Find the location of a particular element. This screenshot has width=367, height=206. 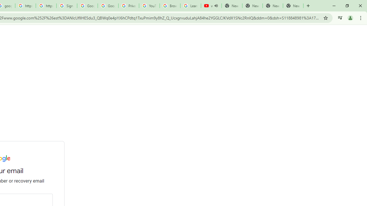

'https://scholar.google.com/' is located at coordinates (25, 6).